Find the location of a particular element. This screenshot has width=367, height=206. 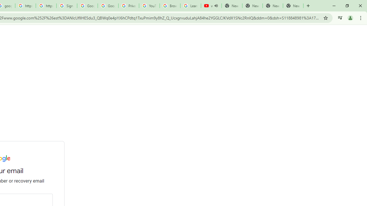

'https://scholar.google.com/' is located at coordinates (25, 6).